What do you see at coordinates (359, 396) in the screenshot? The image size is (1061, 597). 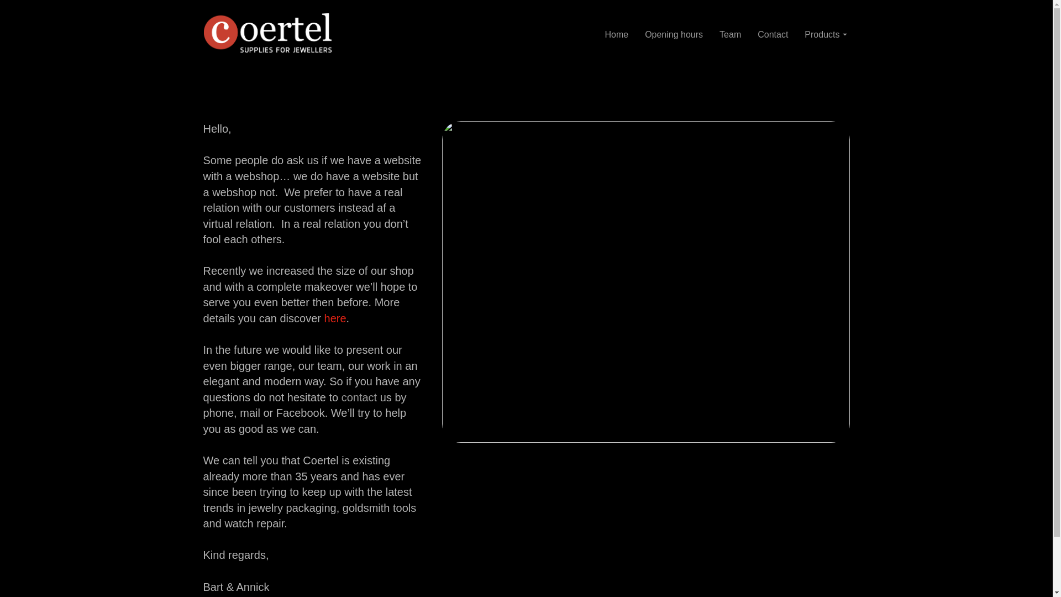 I see `'contact'` at bounding box center [359, 396].